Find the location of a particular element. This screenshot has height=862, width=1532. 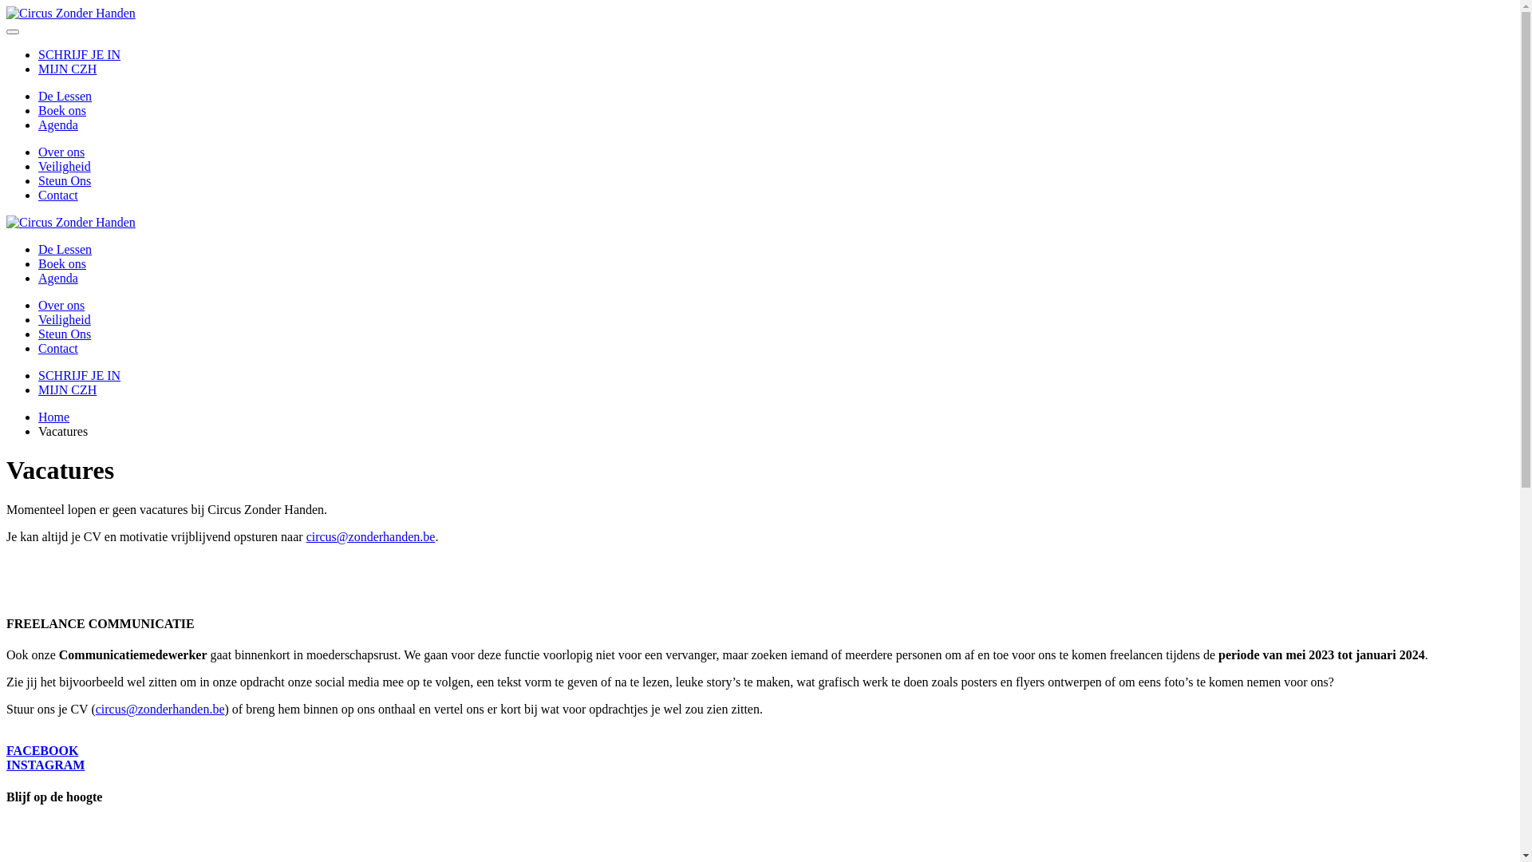

'Steun Ons' is located at coordinates (64, 333).